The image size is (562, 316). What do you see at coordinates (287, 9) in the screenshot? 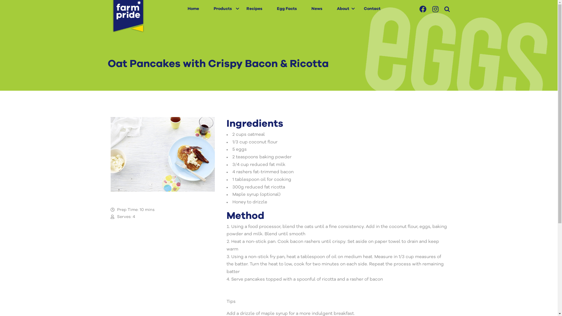
I see `'Egg Facts'` at bounding box center [287, 9].